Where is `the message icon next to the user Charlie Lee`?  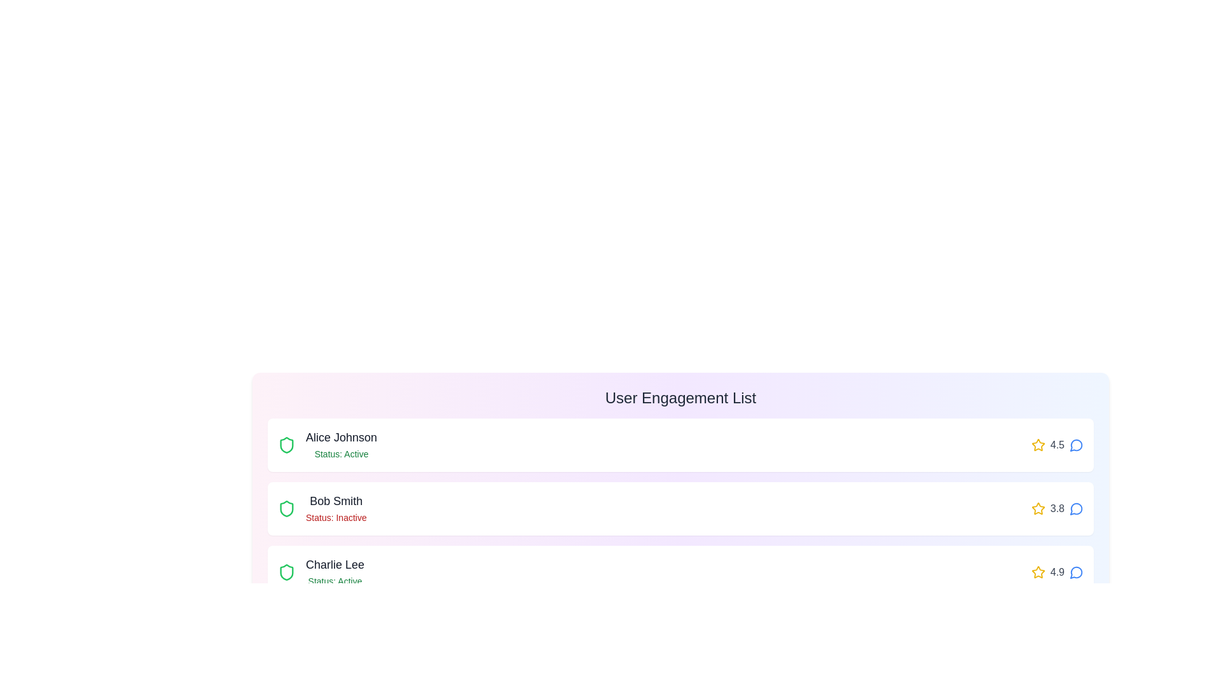
the message icon next to the user Charlie Lee is located at coordinates (1076, 571).